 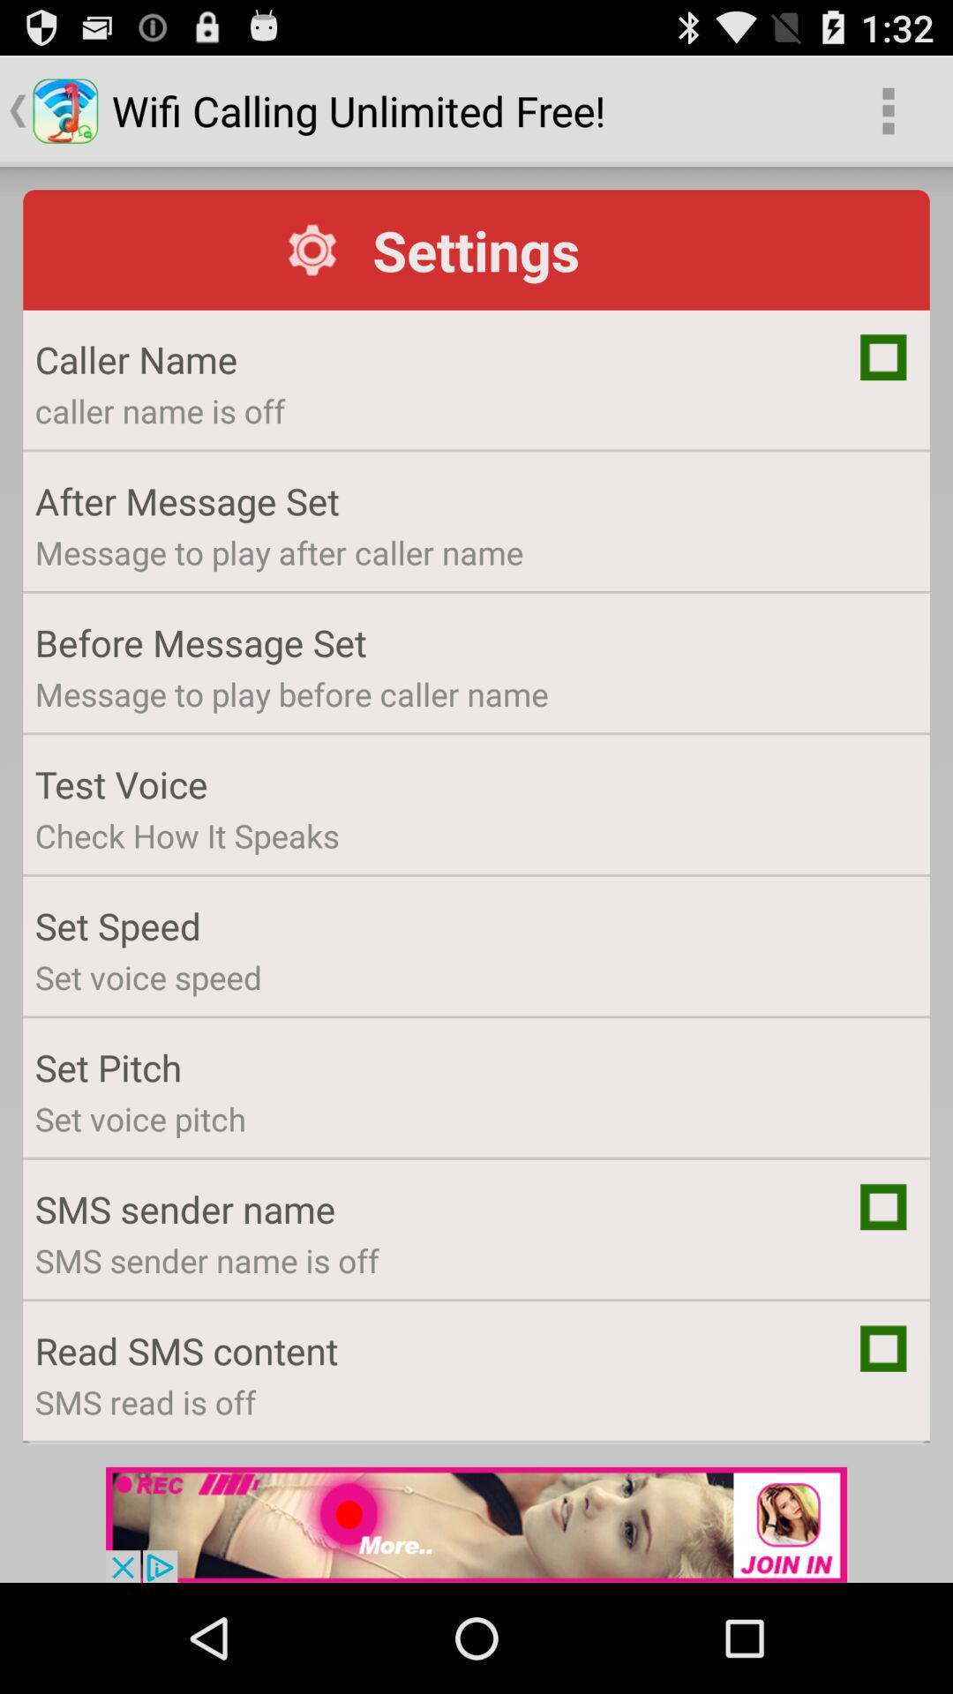 What do you see at coordinates (883, 356) in the screenshot?
I see `click check box` at bounding box center [883, 356].